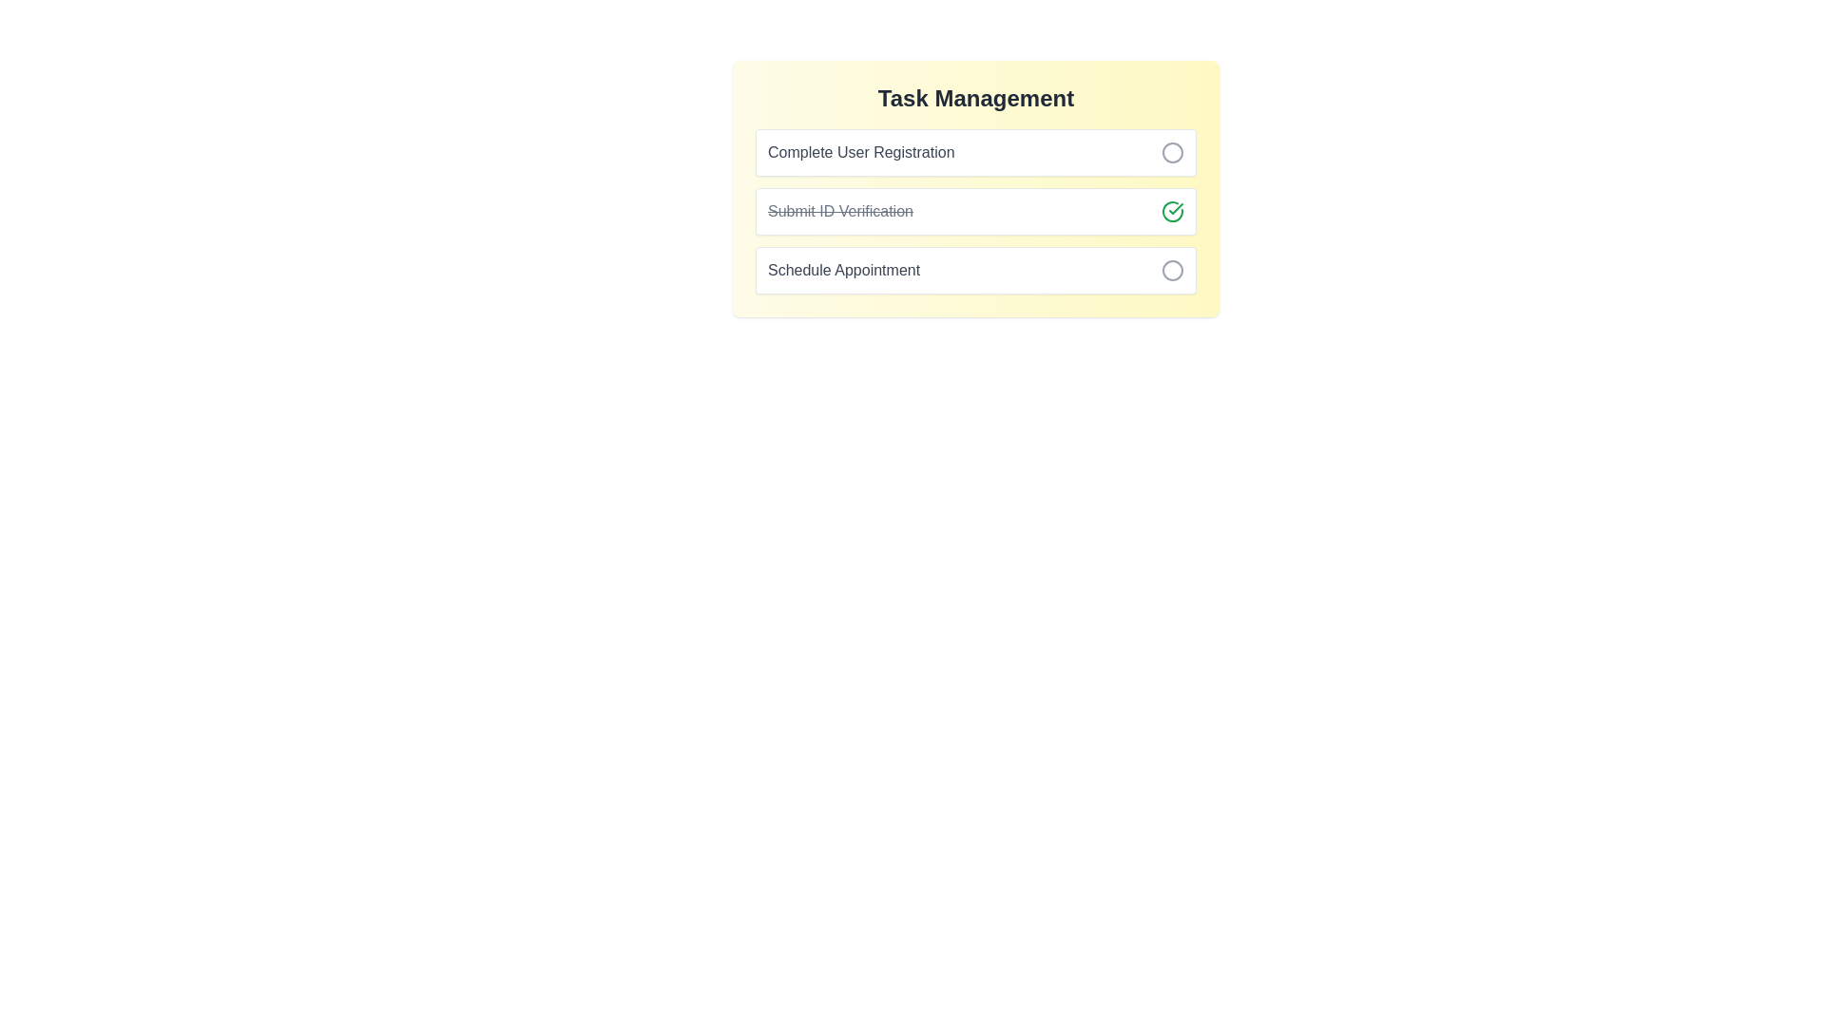 This screenshot has width=1825, height=1026. What do you see at coordinates (1171, 152) in the screenshot?
I see `the SVG circle graphic icon located on the right side of the first list item, adjacent to the 'Complete User Registration' label` at bounding box center [1171, 152].